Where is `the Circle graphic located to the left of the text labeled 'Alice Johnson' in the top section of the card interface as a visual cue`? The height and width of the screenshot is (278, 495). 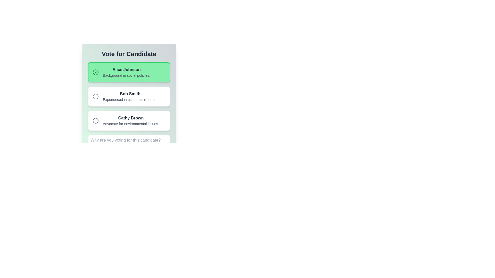 the Circle graphic located to the left of the text labeled 'Alice Johnson' in the top section of the card interface as a visual cue is located at coordinates (95, 96).